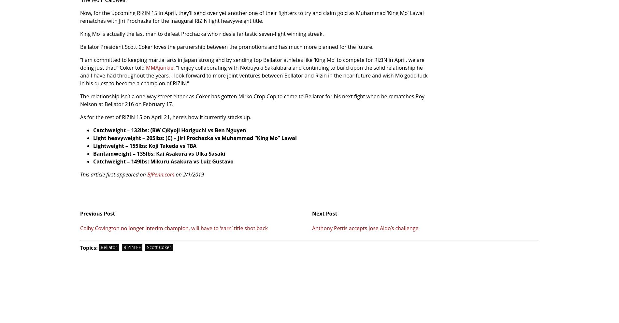 The height and width of the screenshot is (323, 619). What do you see at coordinates (108, 247) in the screenshot?
I see `'Bellator'` at bounding box center [108, 247].